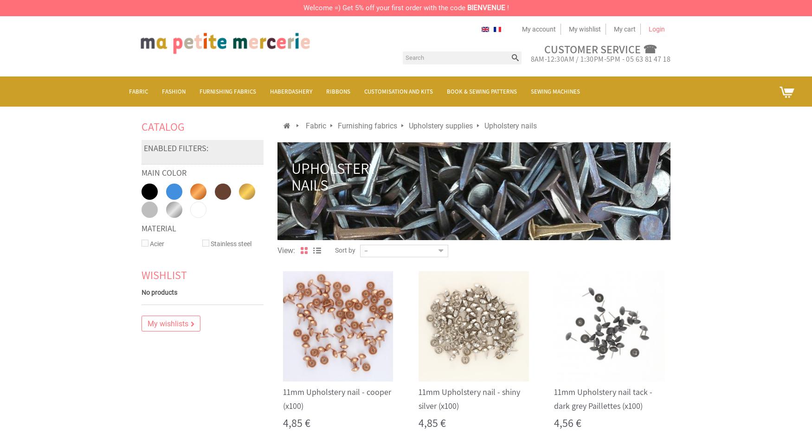  What do you see at coordinates (159, 228) in the screenshot?
I see `'Material'` at bounding box center [159, 228].